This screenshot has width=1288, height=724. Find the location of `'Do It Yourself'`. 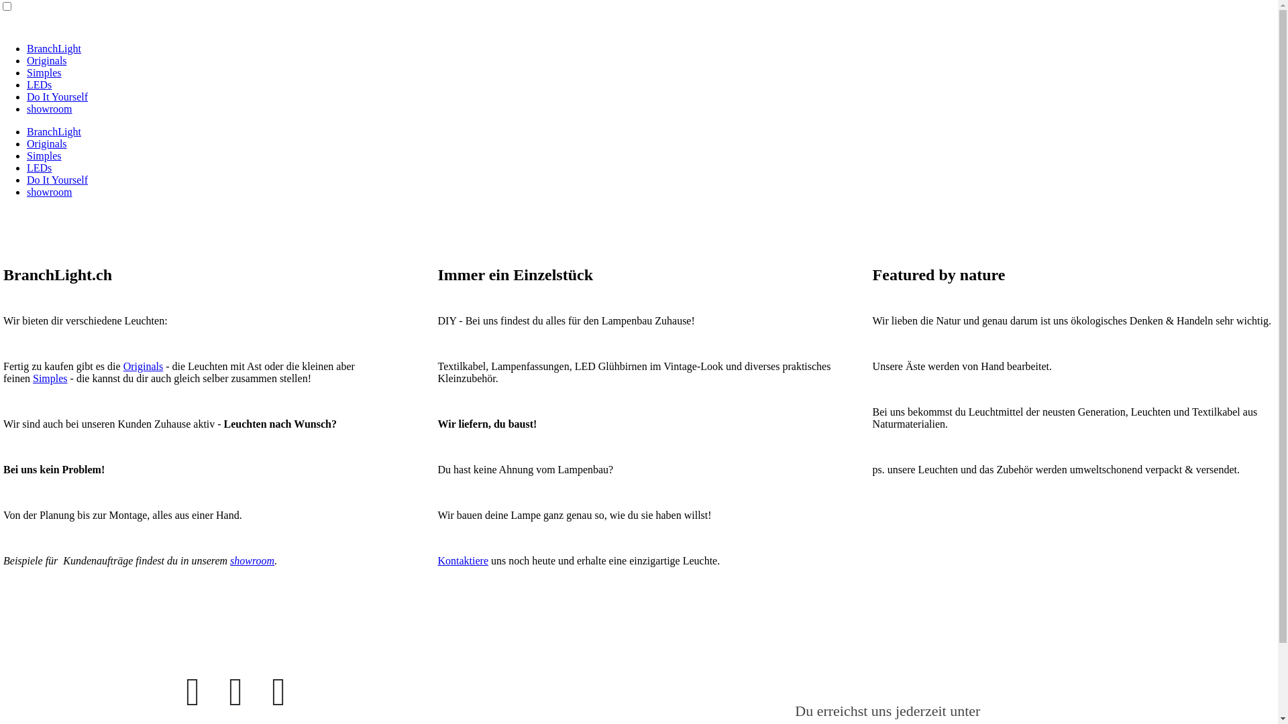

'Do It Yourself' is located at coordinates (56, 179).